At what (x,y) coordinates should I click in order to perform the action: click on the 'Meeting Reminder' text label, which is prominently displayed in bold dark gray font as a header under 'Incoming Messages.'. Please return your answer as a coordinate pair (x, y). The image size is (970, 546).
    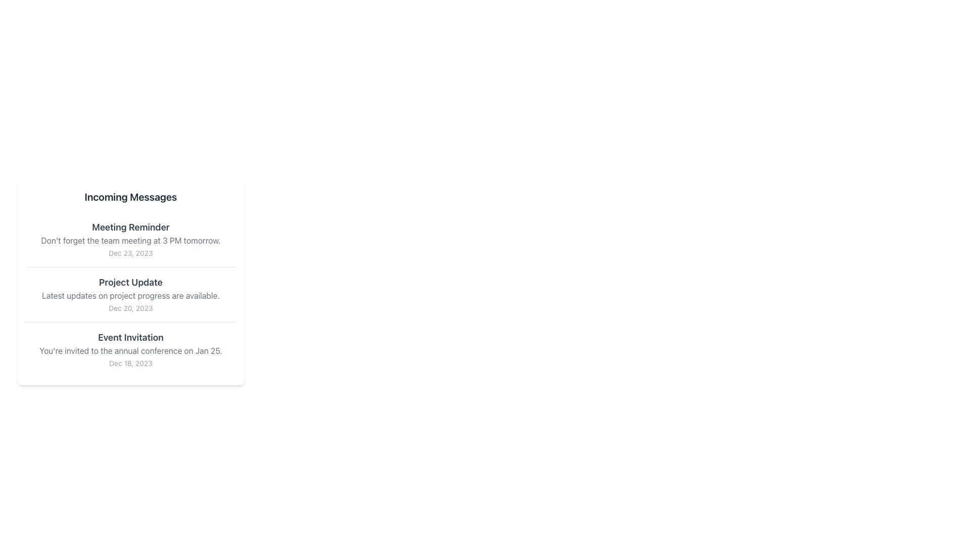
    Looking at the image, I should click on (130, 227).